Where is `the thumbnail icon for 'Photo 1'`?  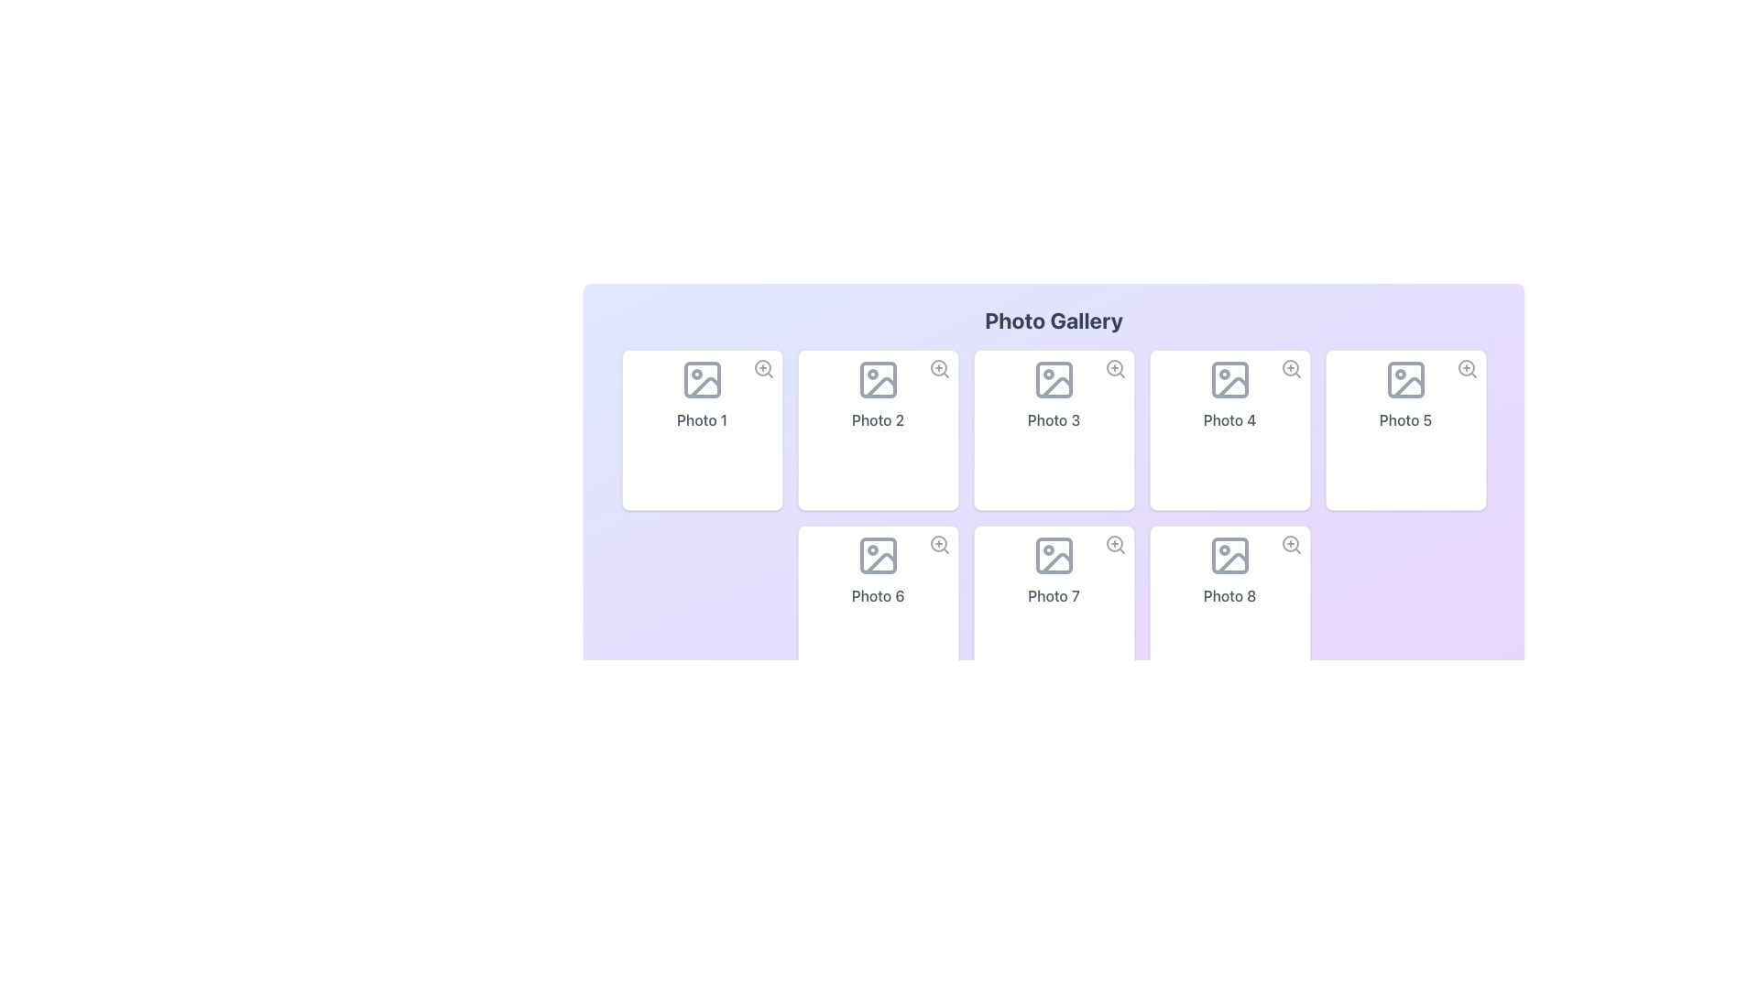
the thumbnail icon for 'Photo 1' is located at coordinates (701, 379).